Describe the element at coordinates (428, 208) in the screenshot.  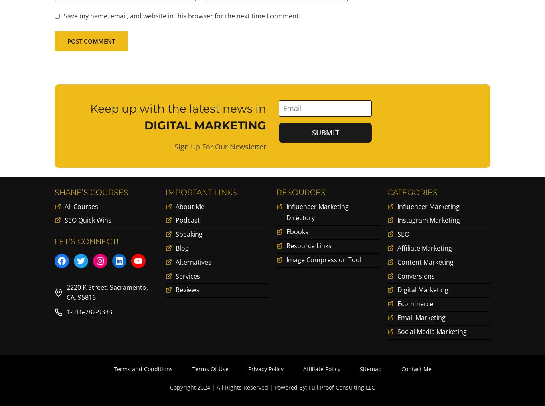
I see `'Influencer Marketing'` at that location.